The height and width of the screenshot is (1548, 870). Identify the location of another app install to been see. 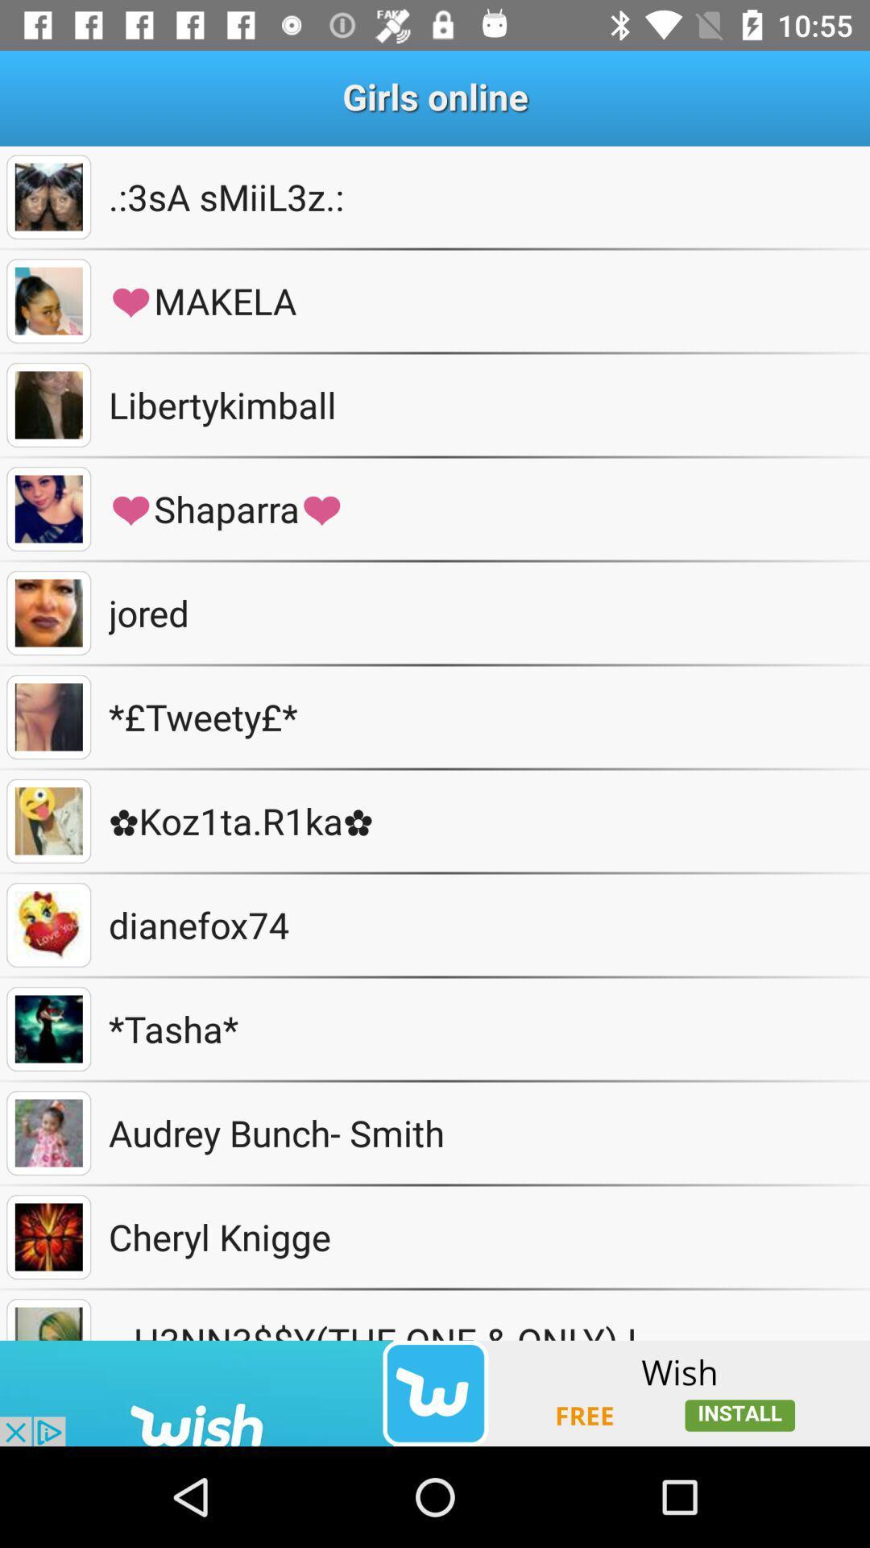
(435, 1392).